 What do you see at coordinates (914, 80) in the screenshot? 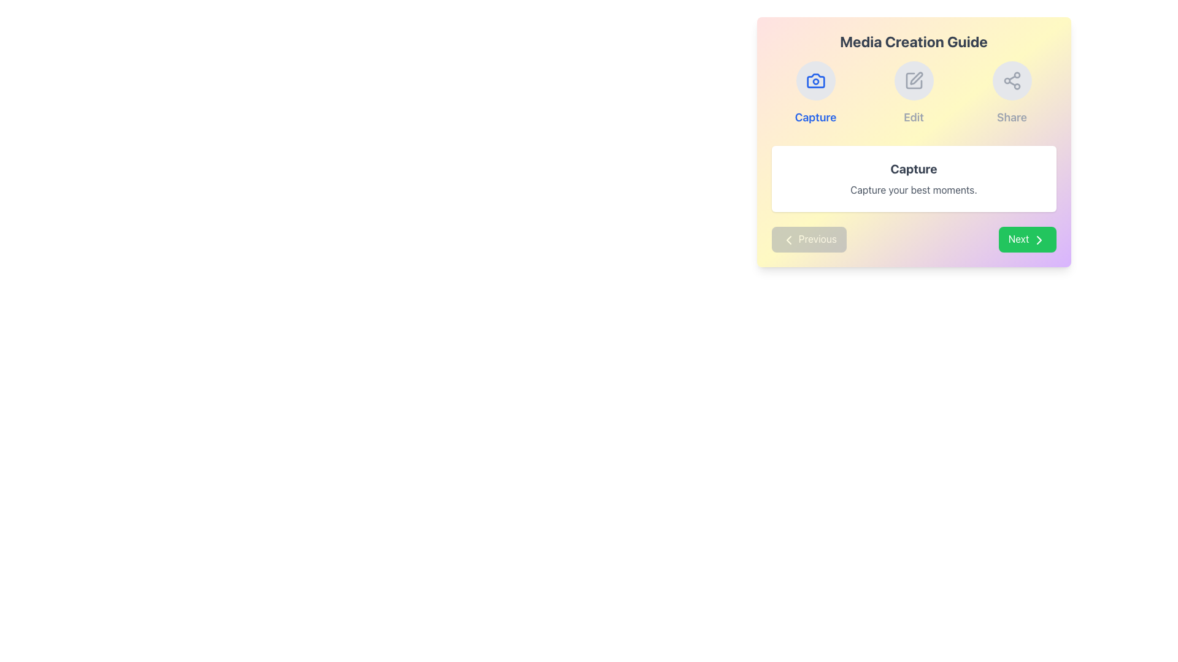
I see `the icon in the 'Edit' grouping located in the top row of the 'Media Creation Guide' panel` at bounding box center [914, 80].